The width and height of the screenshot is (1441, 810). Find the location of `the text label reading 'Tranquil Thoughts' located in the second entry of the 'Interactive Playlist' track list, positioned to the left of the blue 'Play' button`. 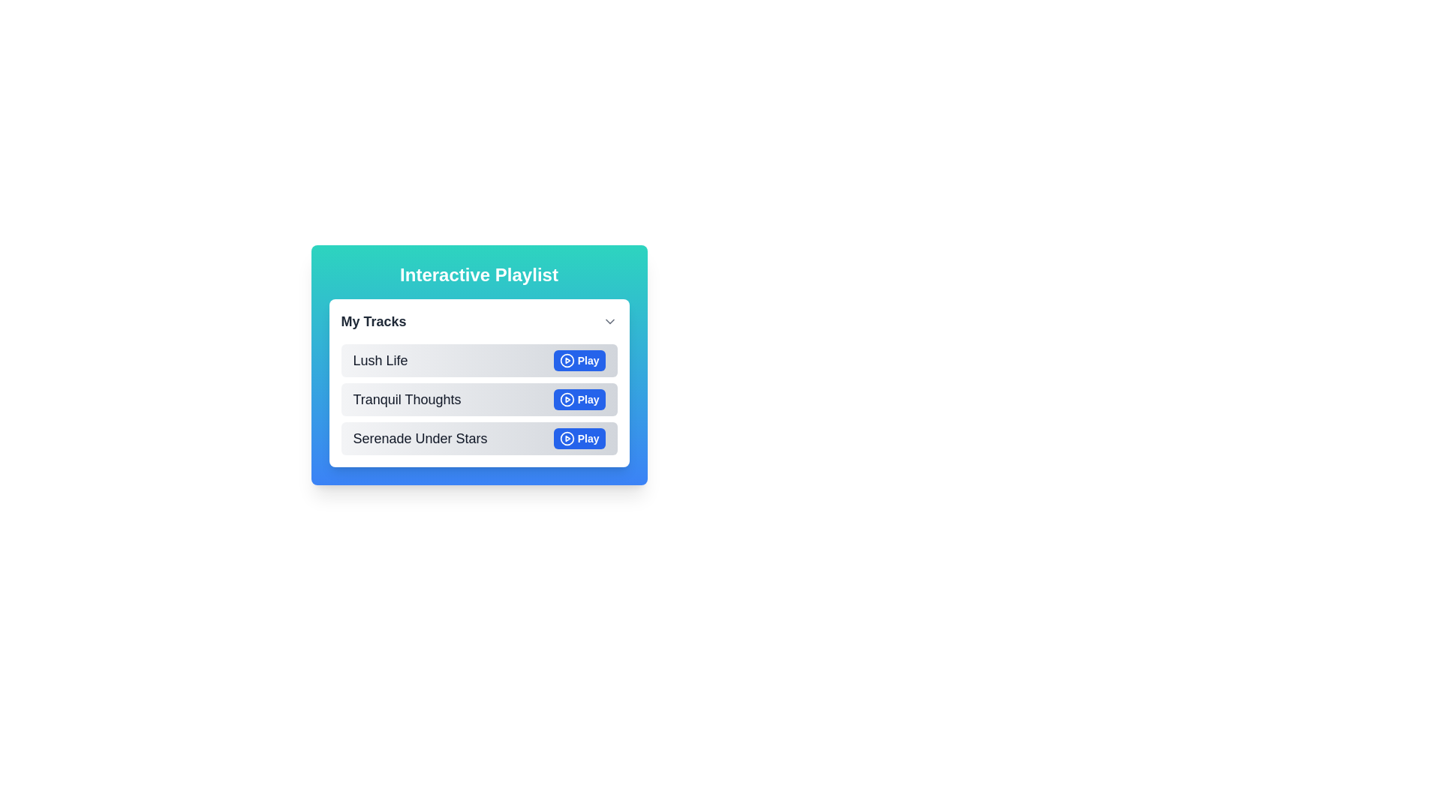

the text label reading 'Tranquil Thoughts' located in the second entry of the 'Interactive Playlist' track list, positioned to the left of the blue 'Play' button is located at coordinates (407, 398).